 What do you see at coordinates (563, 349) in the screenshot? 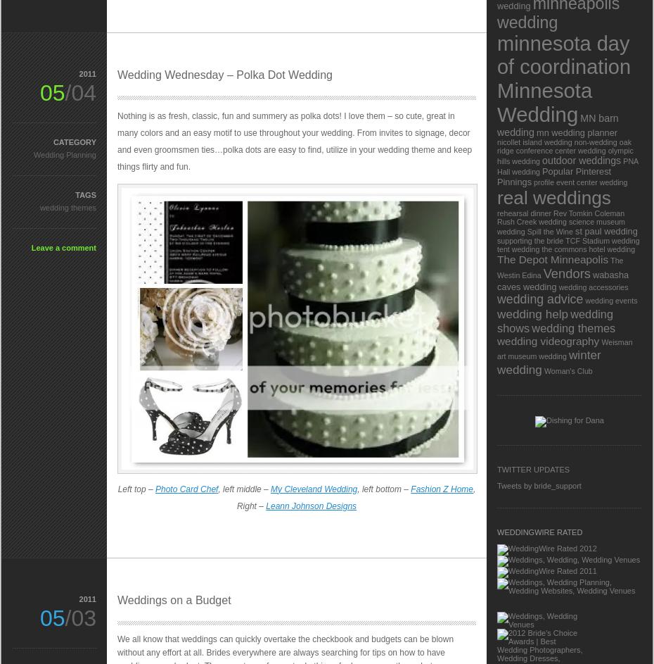
I see `'Weisman art museum wedding'` at bounding box center [563, 349].